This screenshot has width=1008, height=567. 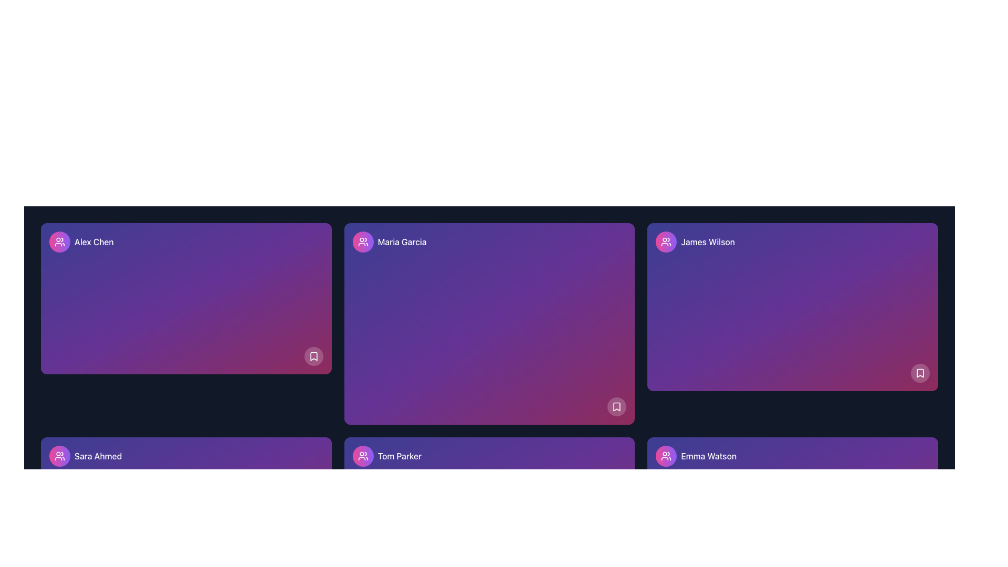 What do you see at coordinates (919, 372) in the screenshot?
I see `the small bookmark icon button with a white outline and transparent fill, located at the bottom-right corner of the card labeled 'James Wilson', to bookmark` at bounding box center [919, 372].